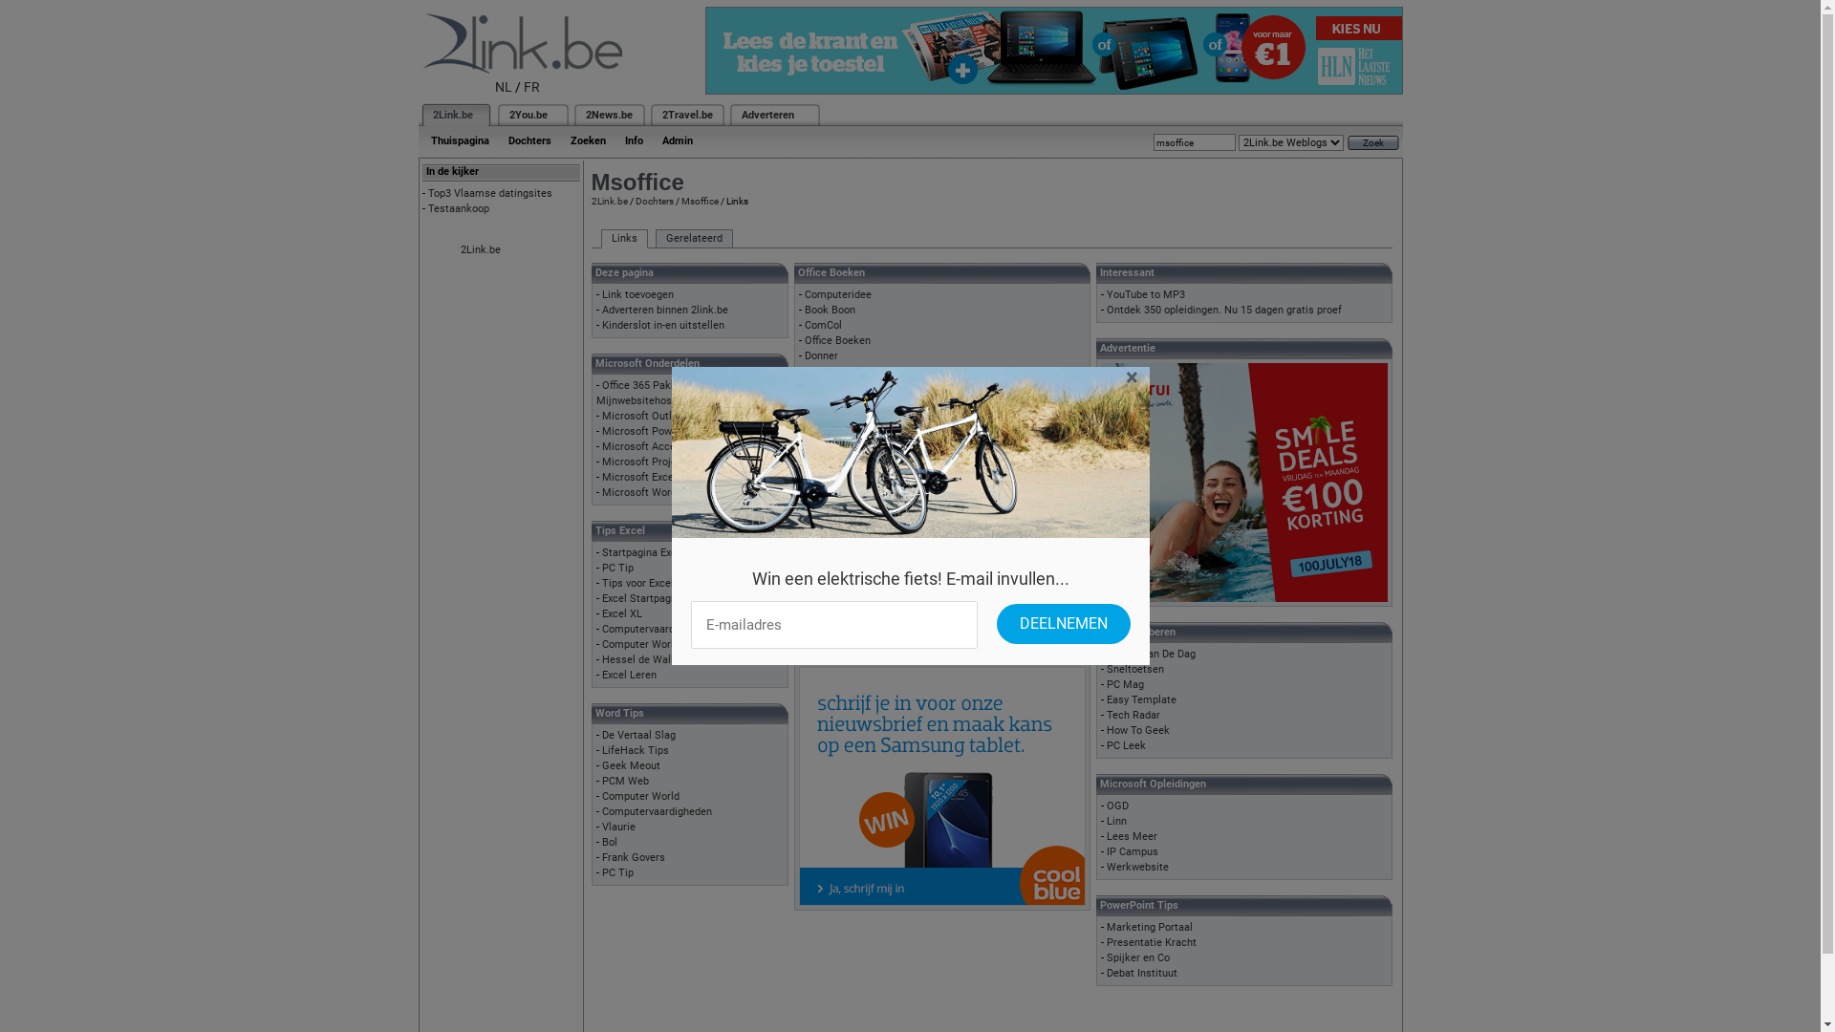 The height and width of the screenshot is (1032, 1835). Describe the element at coordinates (637, 582) in the screenshot. I see `'Tips voor Excel'` at that location.